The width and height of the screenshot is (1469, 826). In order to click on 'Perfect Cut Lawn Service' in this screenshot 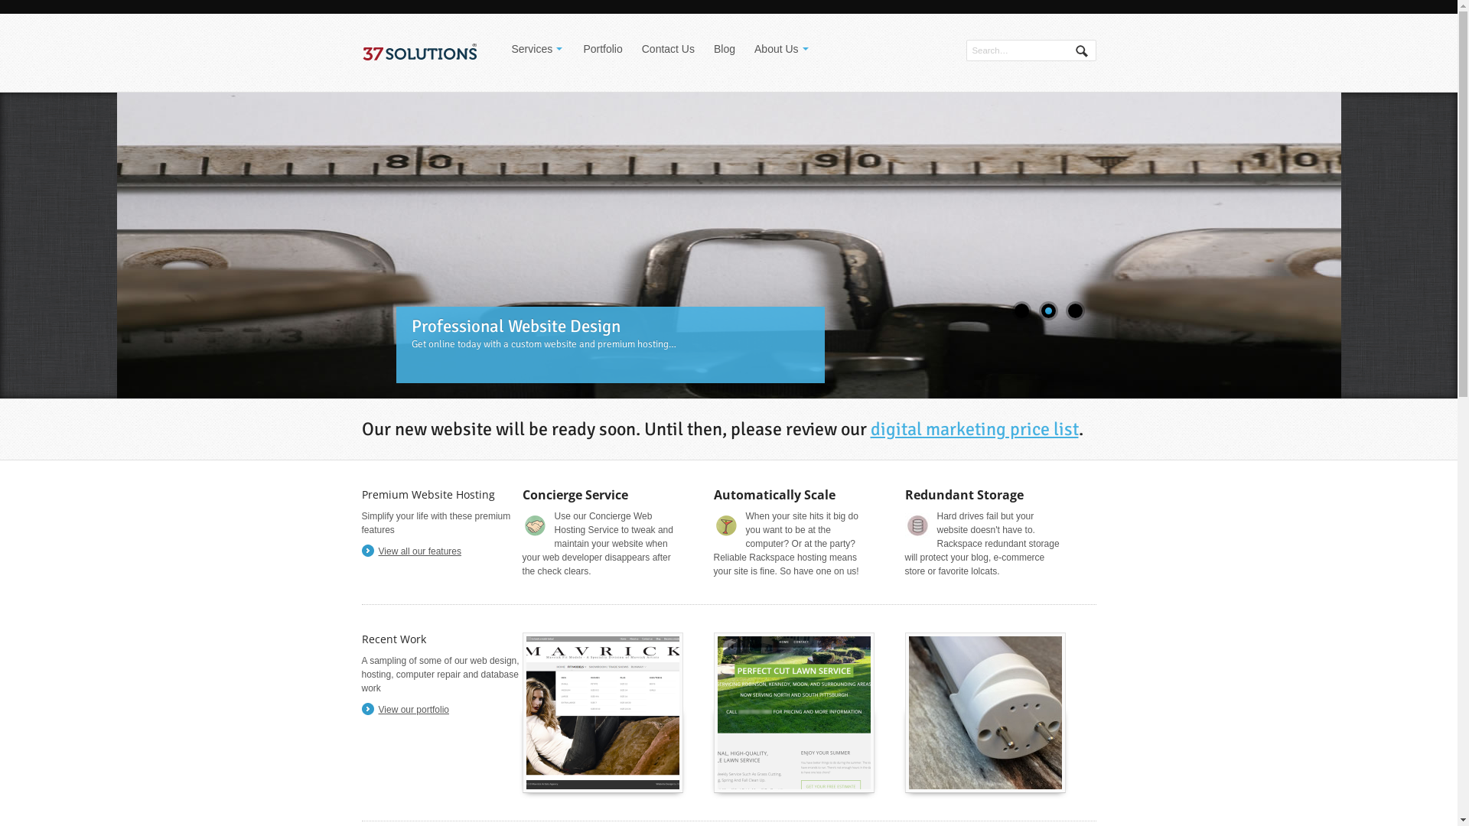, I will do `click(793, 713)`.